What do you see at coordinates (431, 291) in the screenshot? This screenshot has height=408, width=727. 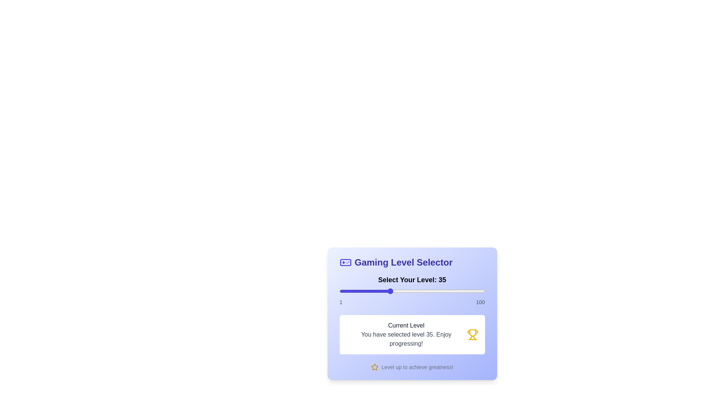 I see `the gaming level` at bounding box center [431, 291].